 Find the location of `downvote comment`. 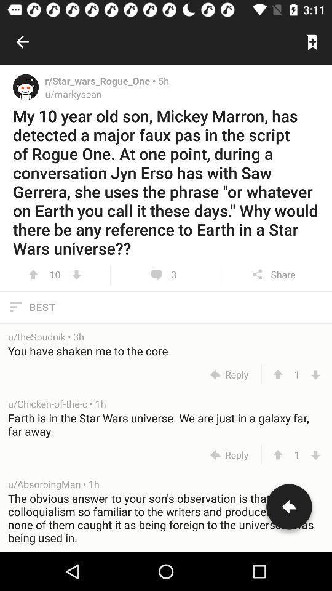

downvote comment is located at coordinates (315, 374).